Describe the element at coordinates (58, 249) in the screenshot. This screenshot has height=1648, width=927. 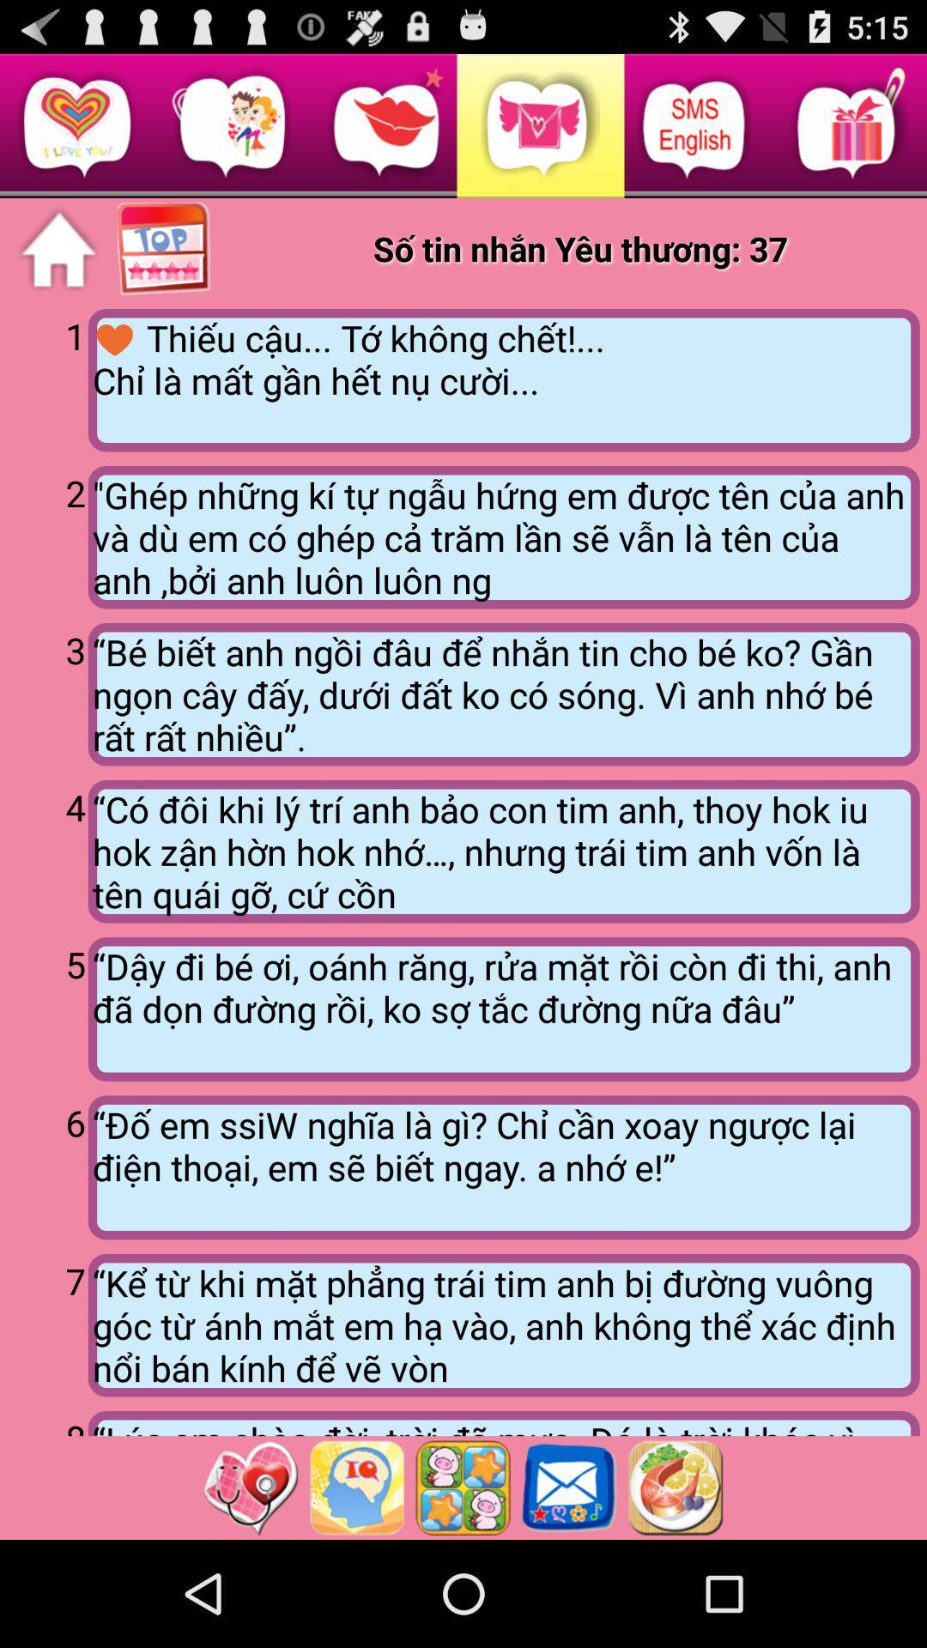
I see `the item above the 1 app` at that location.